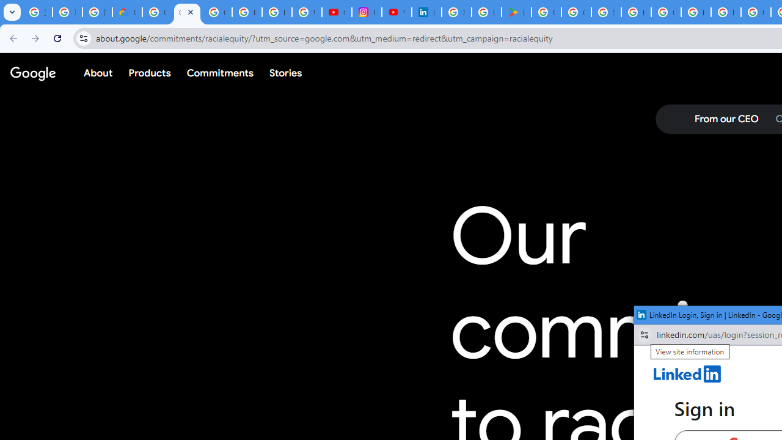  I want to click on 'AutomationID: linkedin-logo', so click(687, 373).